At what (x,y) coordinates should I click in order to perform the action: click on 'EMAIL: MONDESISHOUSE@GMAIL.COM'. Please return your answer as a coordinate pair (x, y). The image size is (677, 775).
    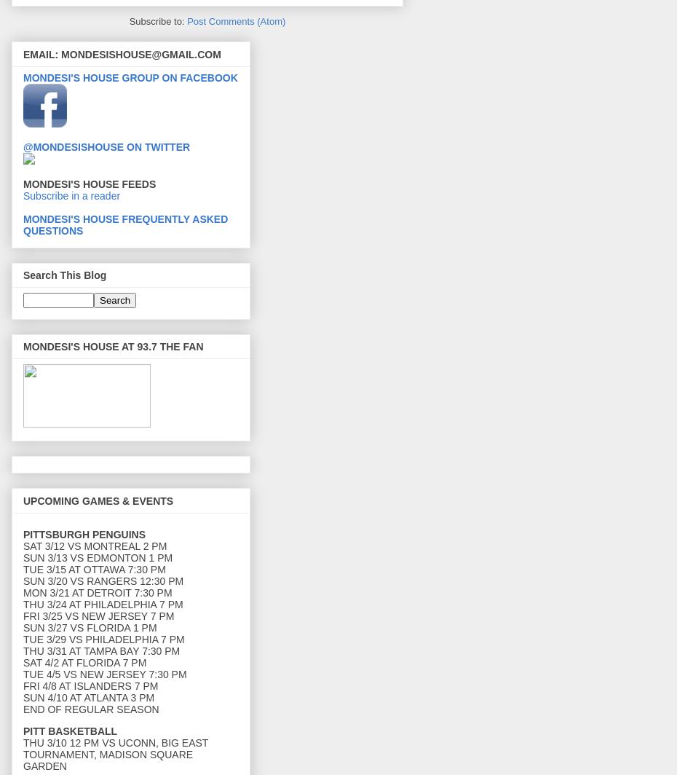
    Looking at the image, I should click on (22, 53).